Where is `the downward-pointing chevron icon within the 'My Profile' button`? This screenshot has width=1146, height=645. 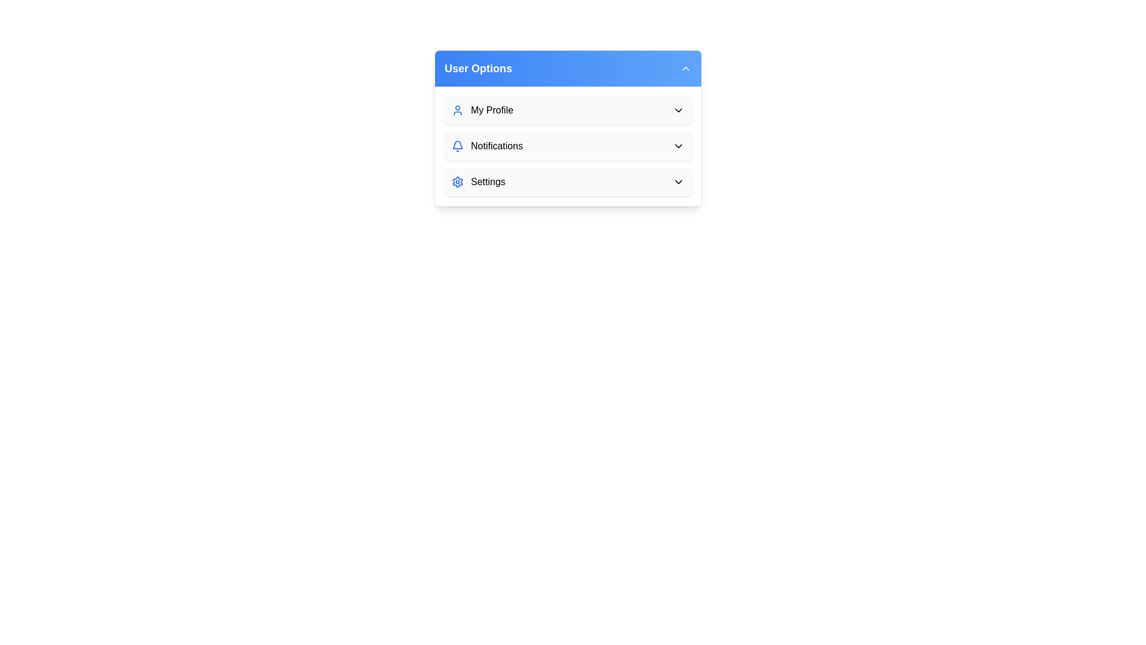 the downward-pointing chevron icon within the 'My Profile' button is located at coordinates (679, 110).